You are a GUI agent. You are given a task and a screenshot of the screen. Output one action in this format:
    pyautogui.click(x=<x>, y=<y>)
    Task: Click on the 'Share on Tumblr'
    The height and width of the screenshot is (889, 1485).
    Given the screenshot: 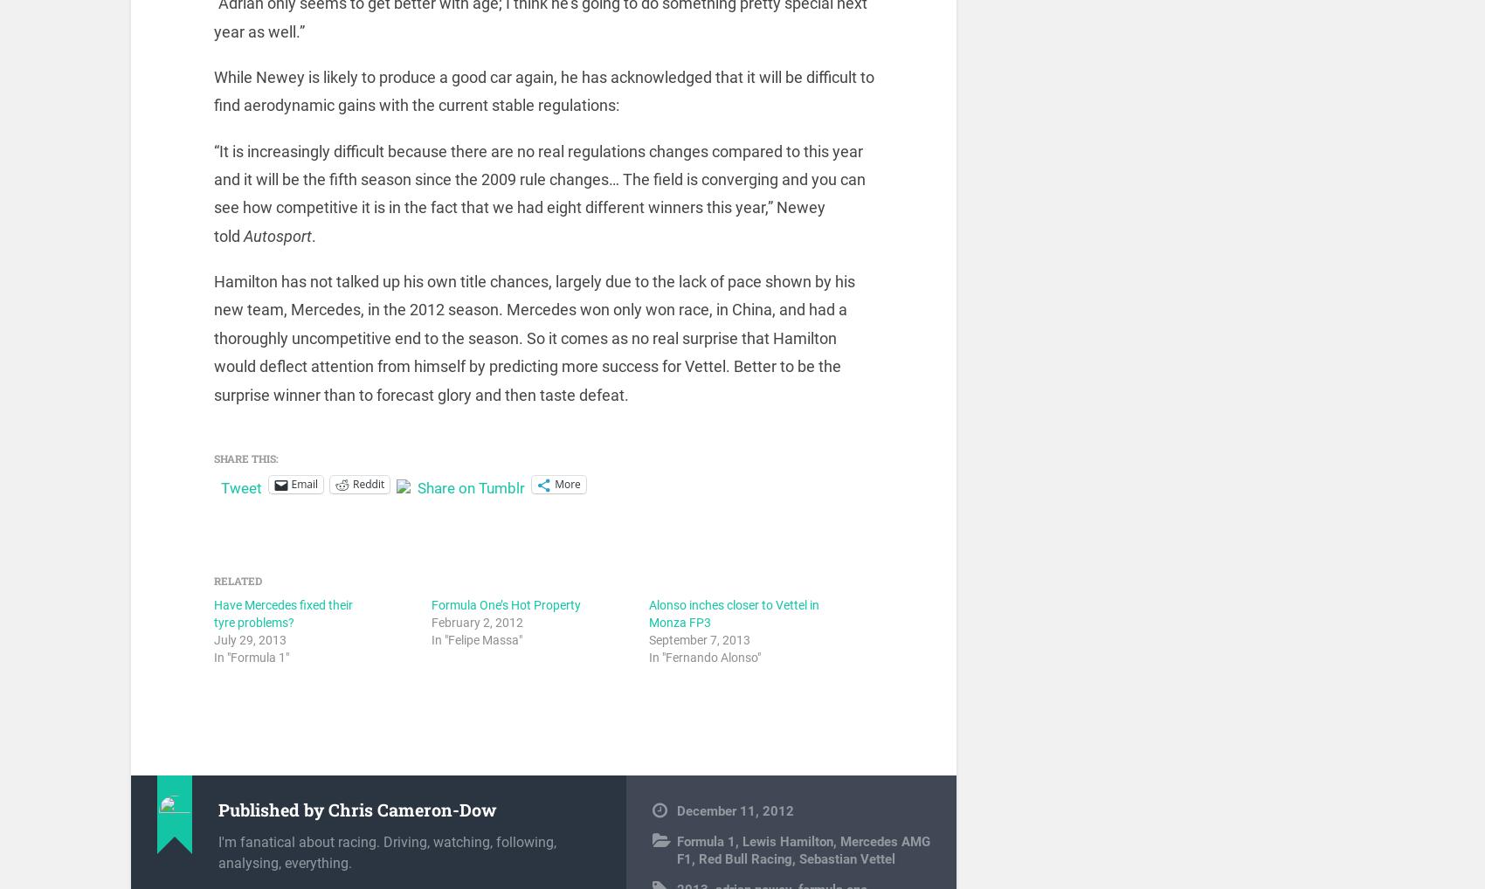 What is the action you would take?
    pyautogui.click(x=470, y=497)
    